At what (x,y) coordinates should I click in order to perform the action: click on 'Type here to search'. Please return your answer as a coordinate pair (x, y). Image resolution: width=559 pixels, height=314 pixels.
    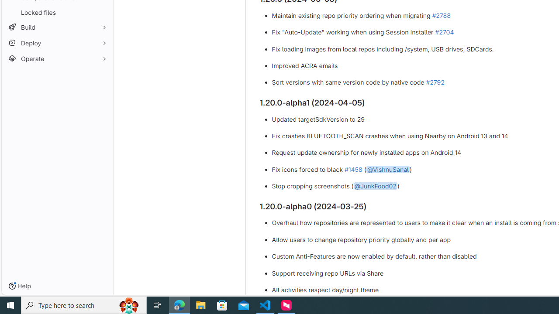
    Looking at the image, I should click on (84, 304).